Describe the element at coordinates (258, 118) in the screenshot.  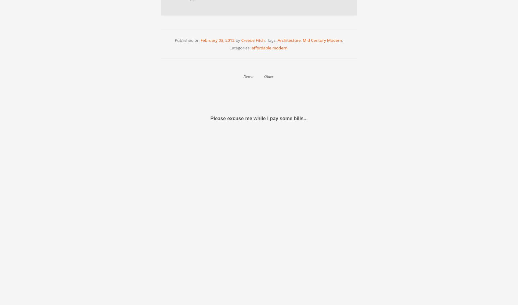
I see `'Please excuse me while I pay some bills...'` at that location.